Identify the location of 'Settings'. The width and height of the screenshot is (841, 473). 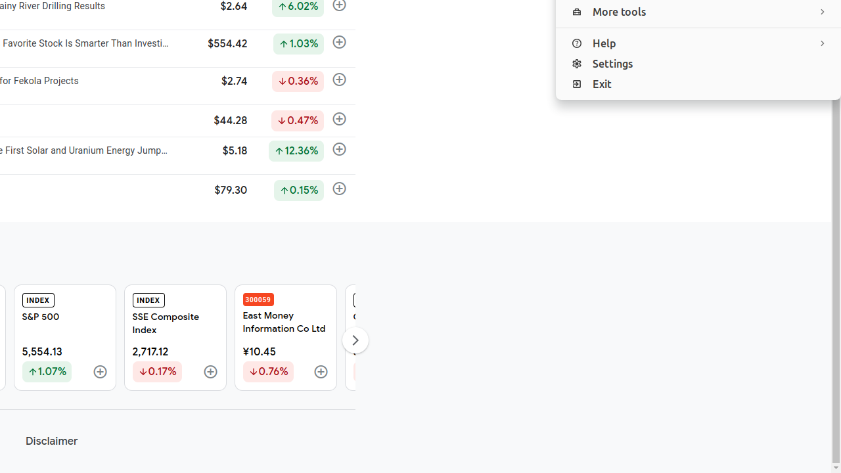
(698, 64).